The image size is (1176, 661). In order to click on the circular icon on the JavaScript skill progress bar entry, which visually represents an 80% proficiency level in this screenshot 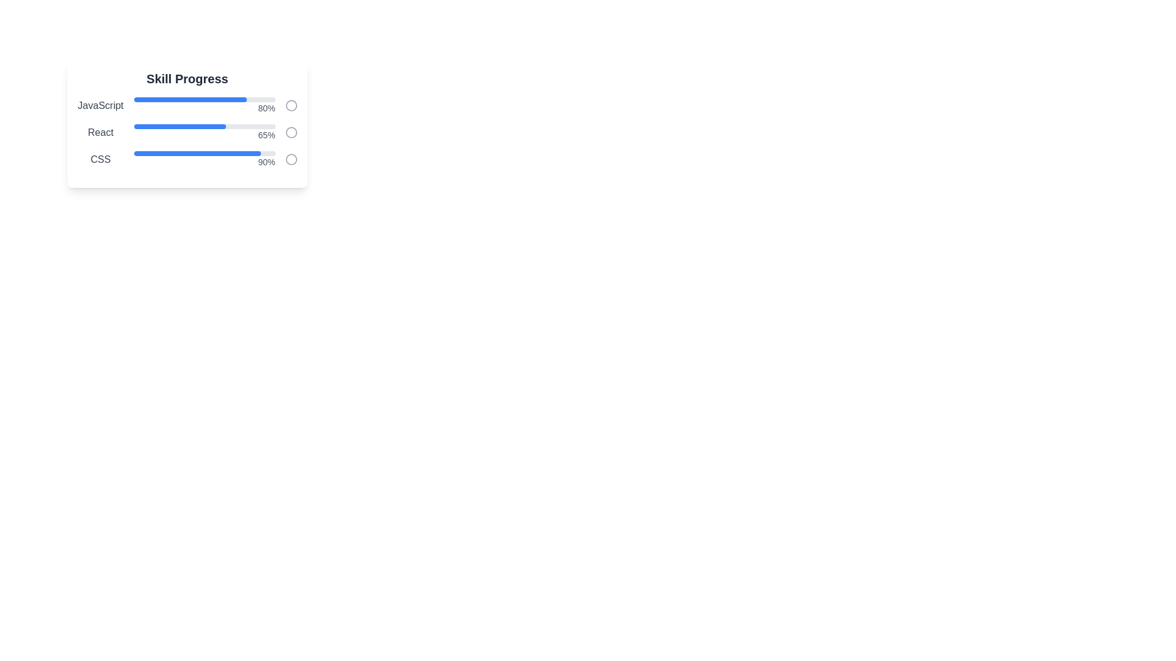, I will do `click(187, 105)`.